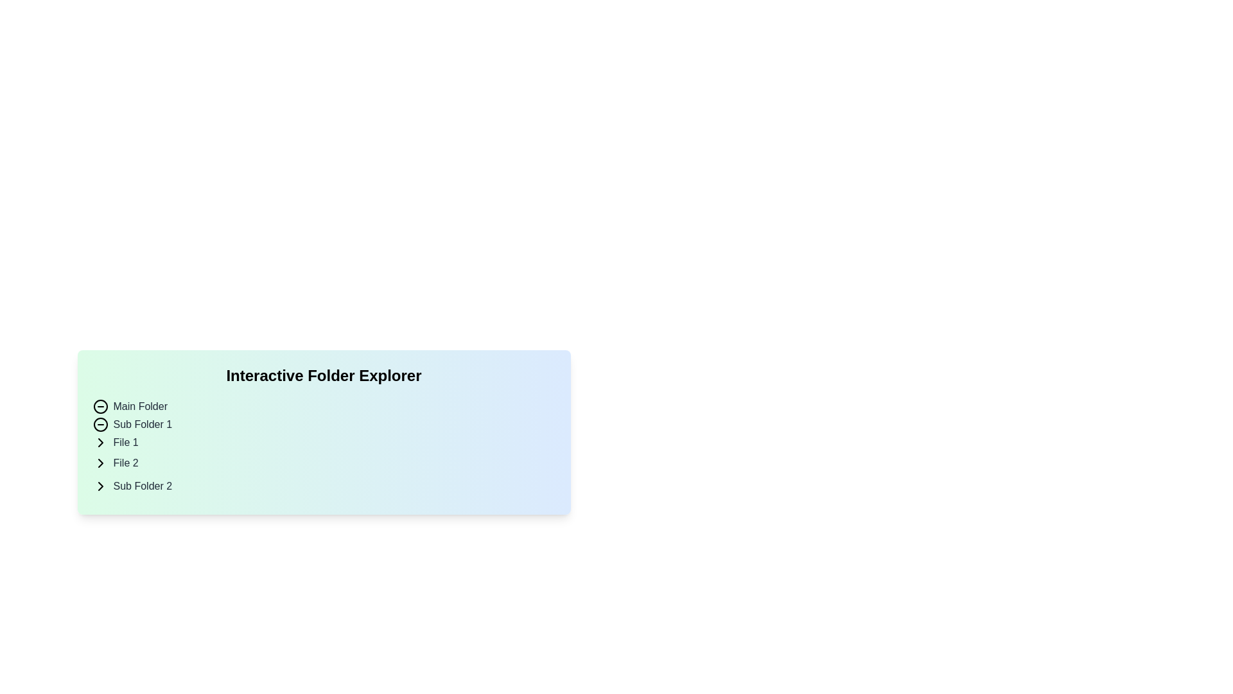 This screenshot has width=1233, height=694. What do you see at coordinates (324, 486) in the screenshot?
I see `the 'Sub Folder 2' item in the tree view` at bounding box center [324, 486].